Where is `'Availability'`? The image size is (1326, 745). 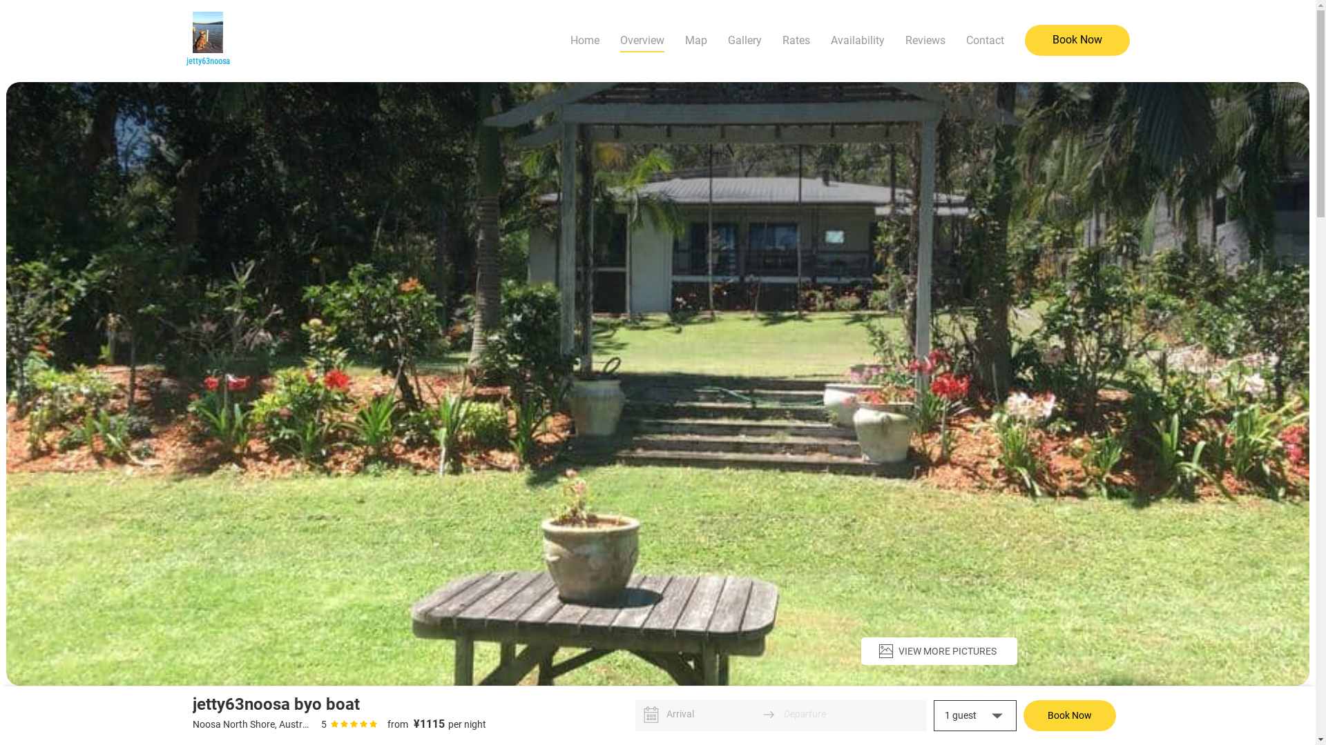 'Availability' is located at coordinates (856, 39).